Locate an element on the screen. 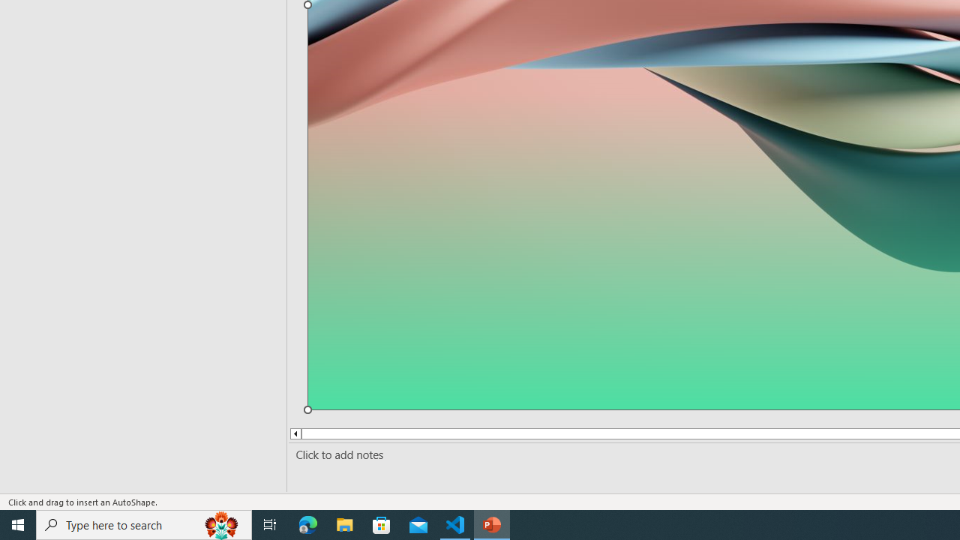 Image resolution: width=960 pixels, height=540 pixels. 'Search highlights icon opens search home window' is located at coordinates (220, 523).